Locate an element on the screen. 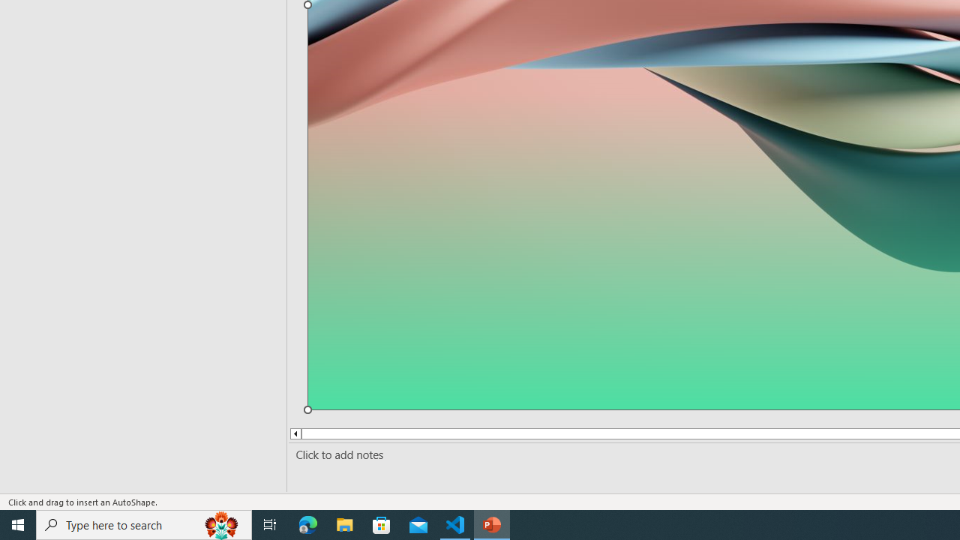 Image resolution: width=960 pixels, height=540 pixels. 'Search highlights icon opens search home window' is located at coordinates (220, 523).